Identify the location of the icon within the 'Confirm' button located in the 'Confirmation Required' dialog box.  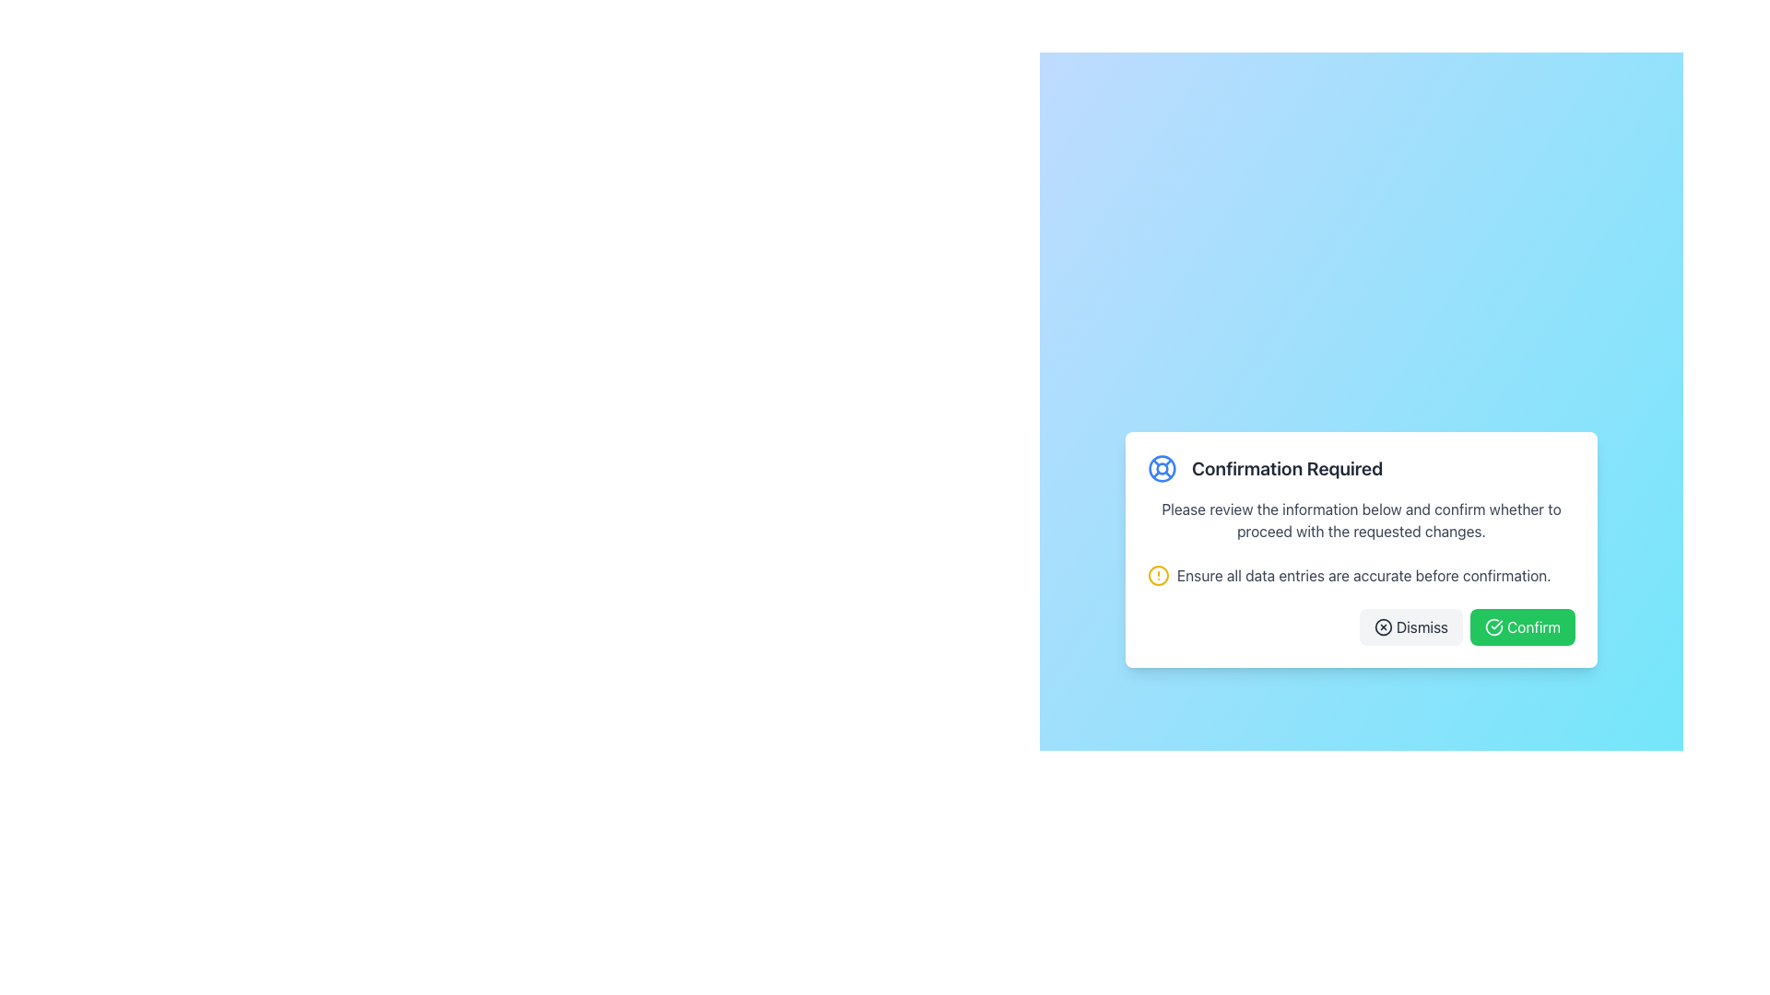
(1494, 626).